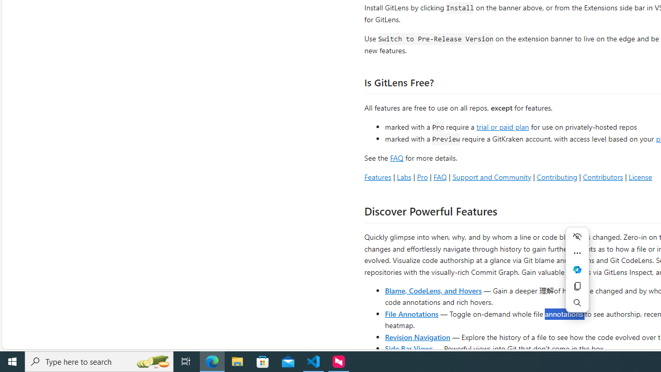 The height and width of the screenshot is (372, 661). I want to click on 'Side Bar Views', so click(408, 348).